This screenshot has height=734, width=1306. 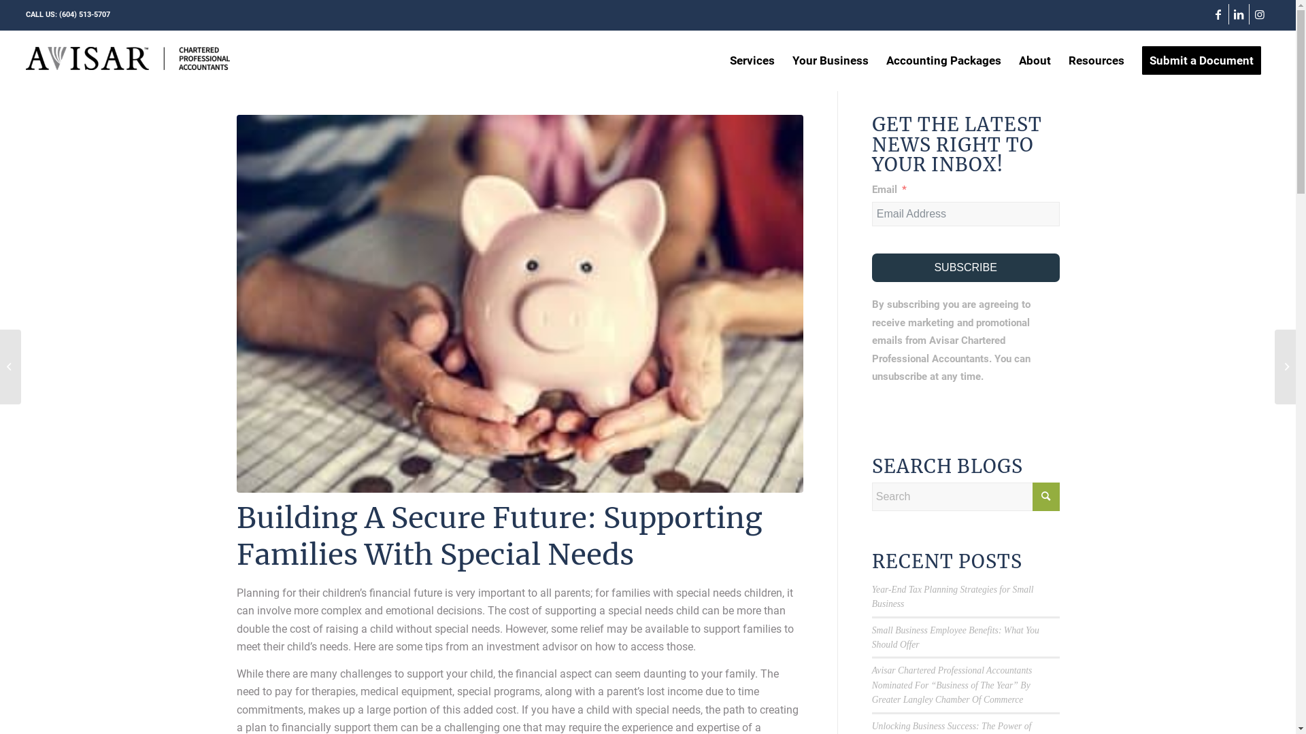 I want to click on 'About', so click(x=1009, y=59).